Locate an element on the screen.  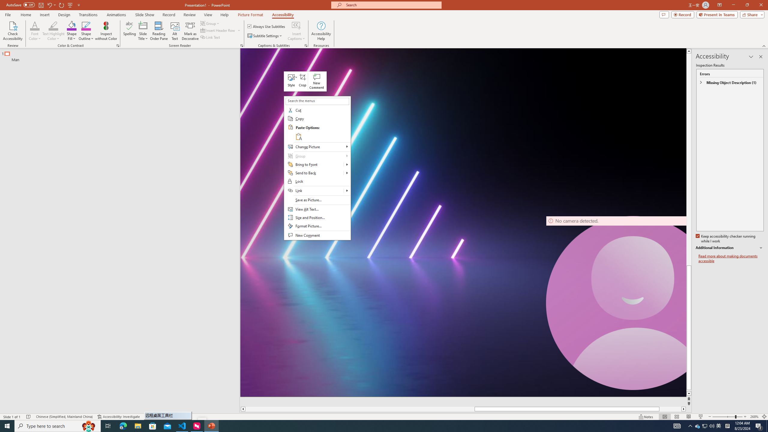
'Bring to Front' is located at coordinates (317, 164).